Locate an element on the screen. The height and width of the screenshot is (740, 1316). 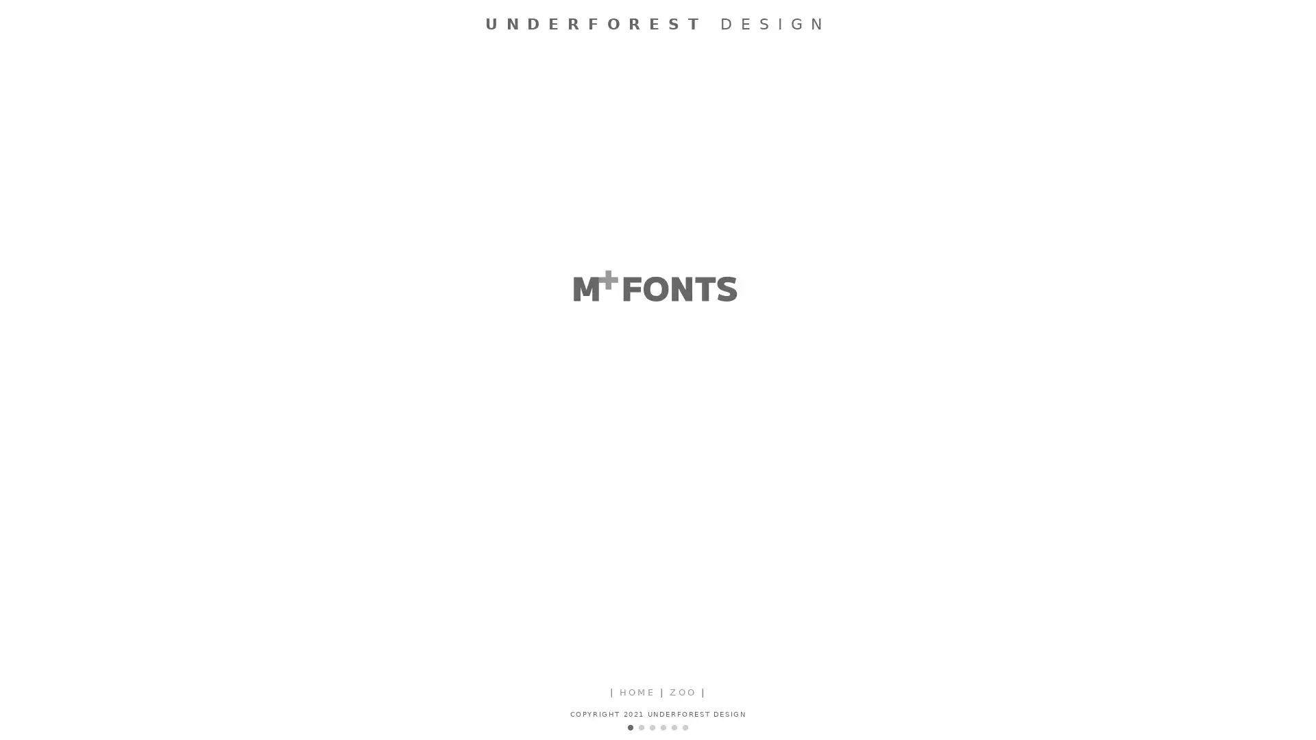
Go to slide 1 is located at coordinates (630, 726).